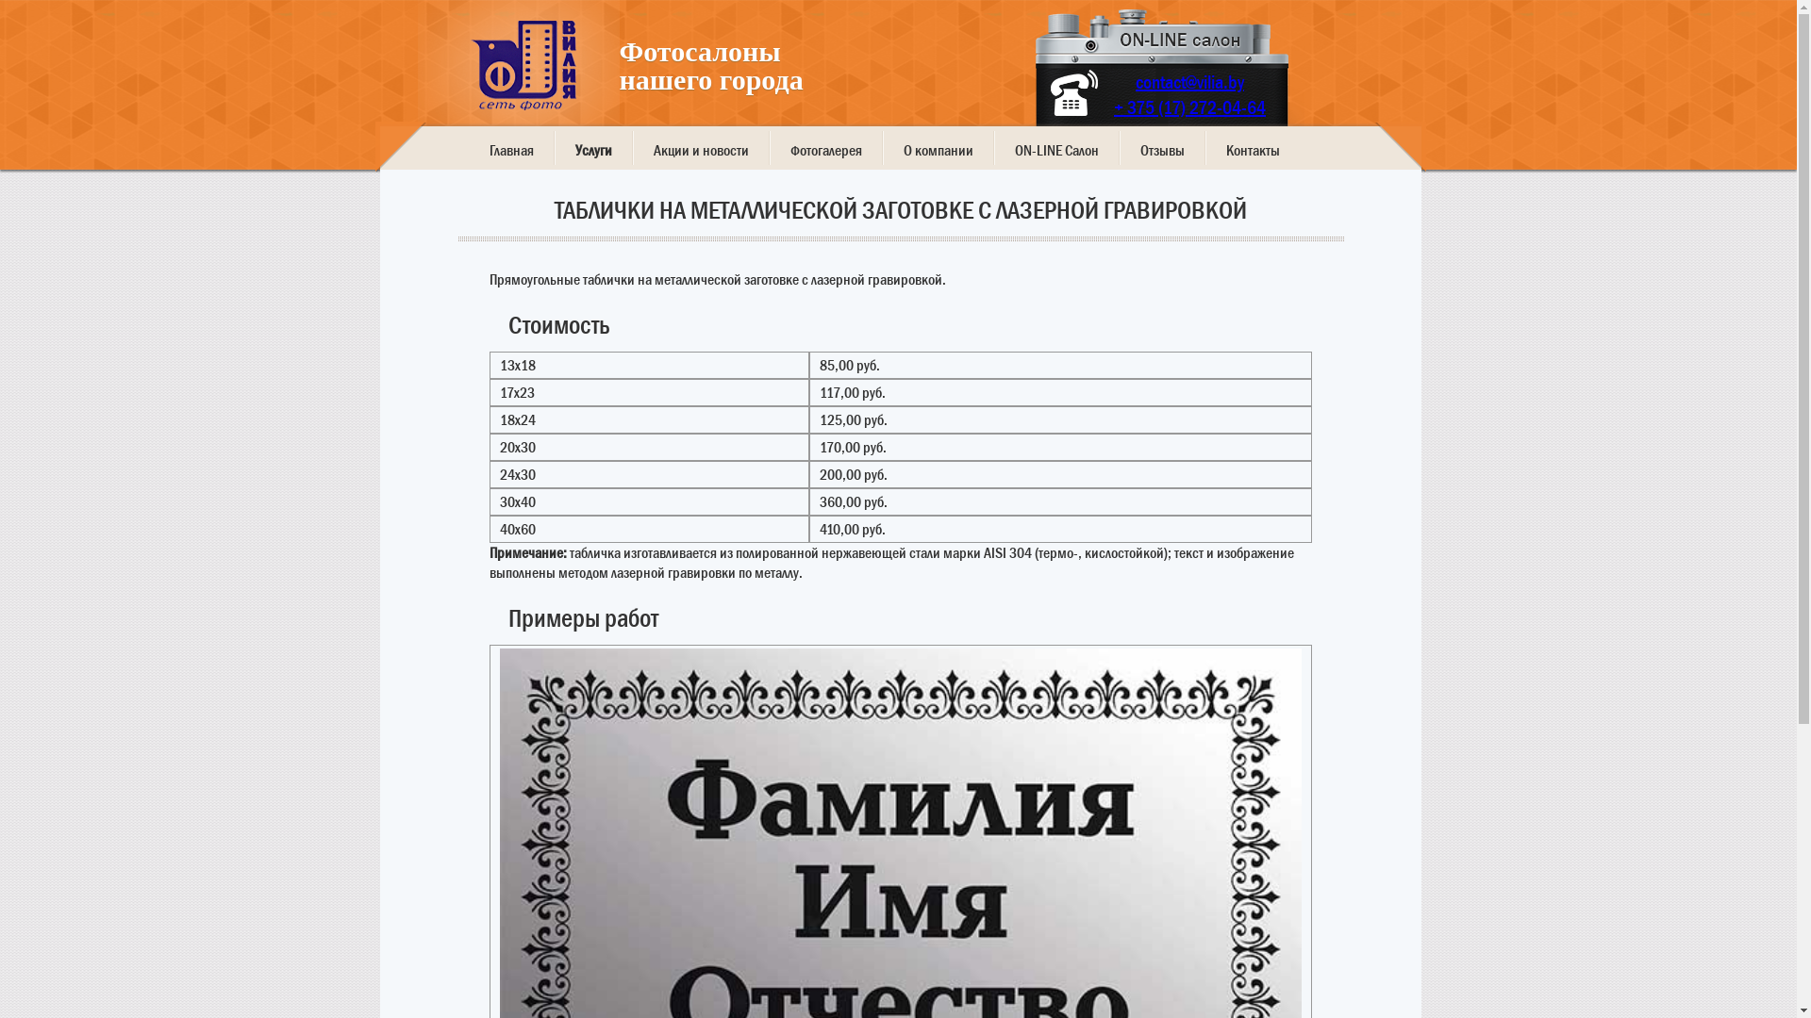  What do you see at coordinates (1188, 81) in the screenshot?
I see `'contact@vilia.by'` at bounding box center [1188, 81].